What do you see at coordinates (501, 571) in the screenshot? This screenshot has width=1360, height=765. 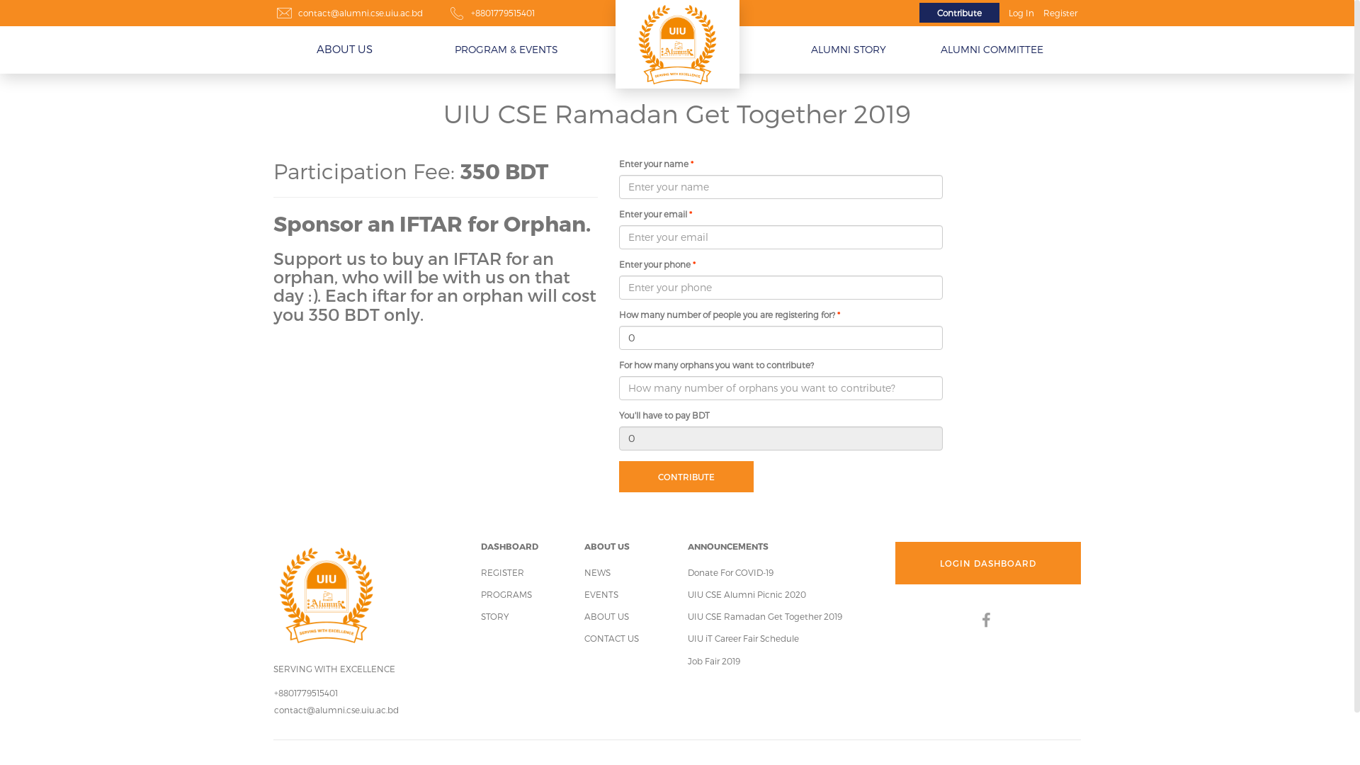 I see `'REGISTER'` at bounding box center [501, 571].